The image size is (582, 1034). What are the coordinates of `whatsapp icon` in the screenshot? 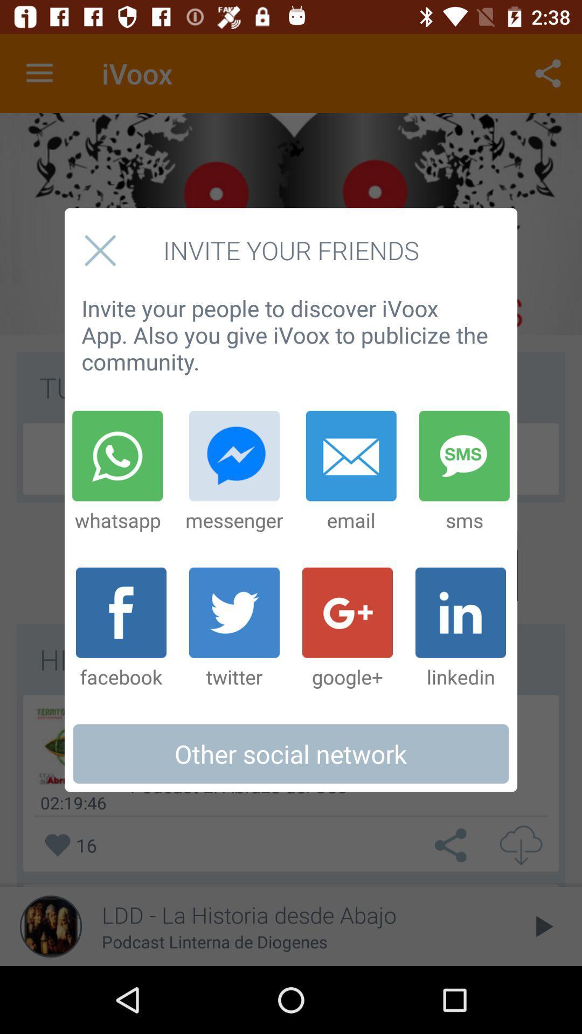 It's located at (117, 472).